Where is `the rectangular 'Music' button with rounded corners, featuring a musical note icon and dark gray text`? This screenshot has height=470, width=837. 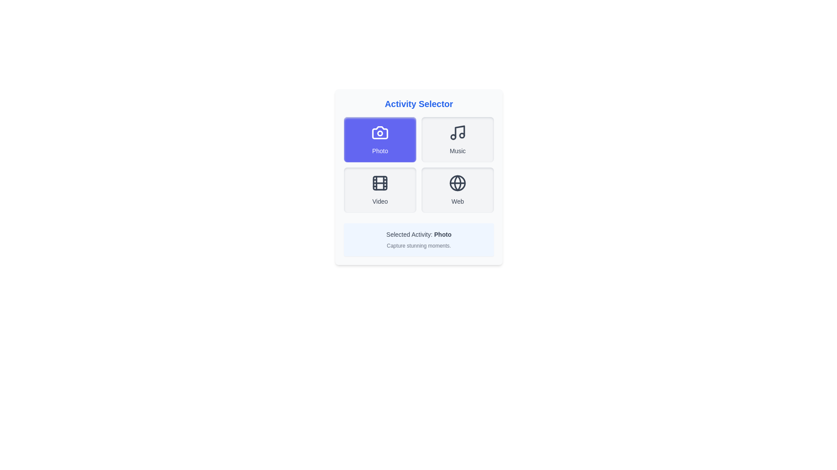 the rectangular 'Music' button with rounded corners, featuring a musical note icon and dark gray text is located at coordinates (457, 139).